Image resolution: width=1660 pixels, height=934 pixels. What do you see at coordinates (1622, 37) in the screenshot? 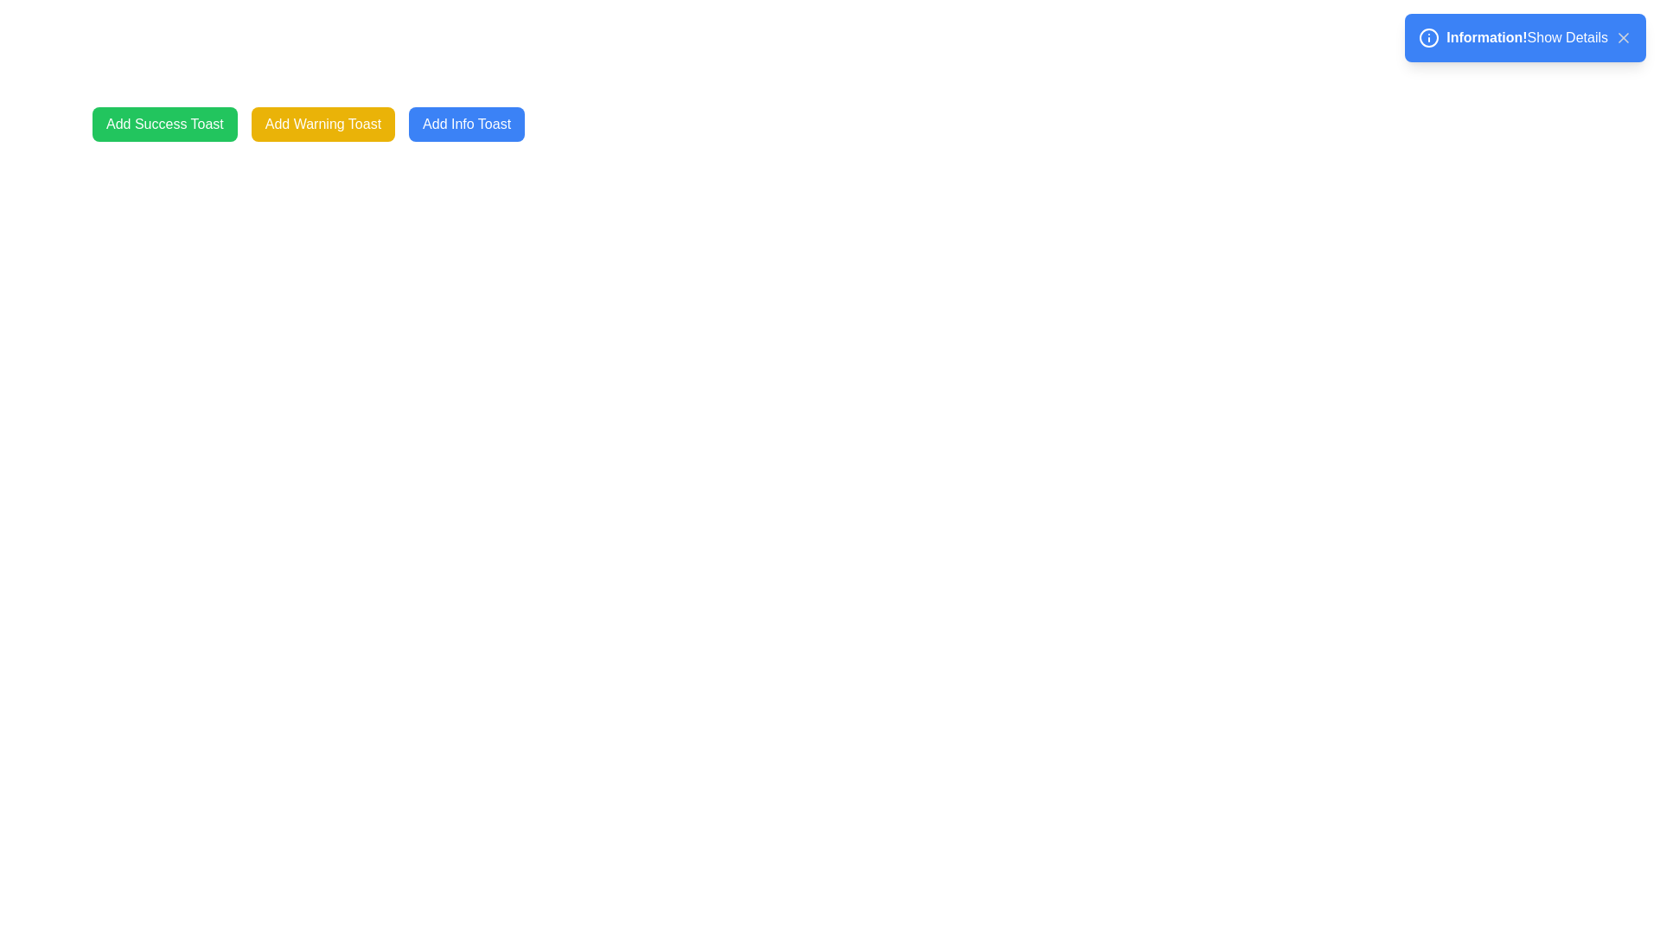
I see `the dismiss icon located in the top-right corner of the alert box labeled 'Information!Show Details'` at bounding box center [1622, 37].